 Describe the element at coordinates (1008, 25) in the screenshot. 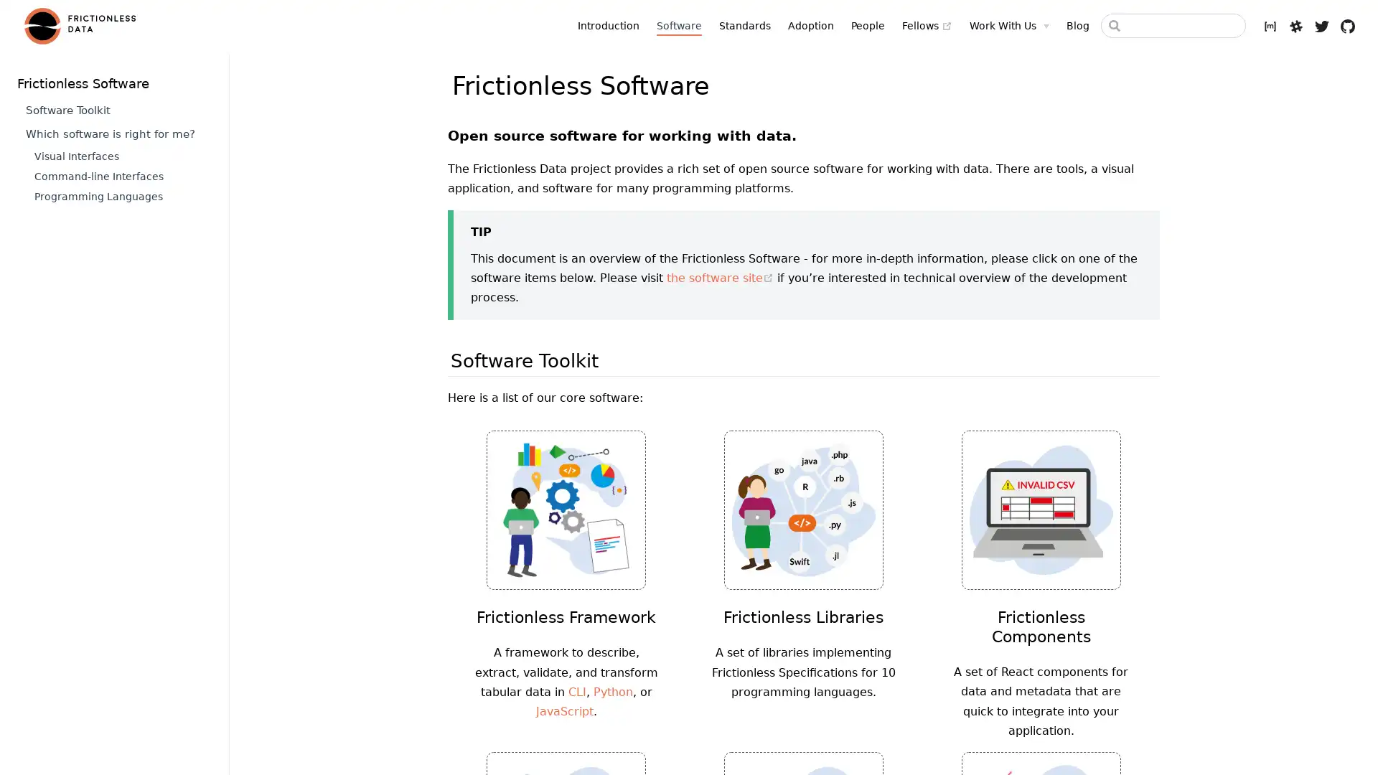

I see `Work With Us Menu` at that location.